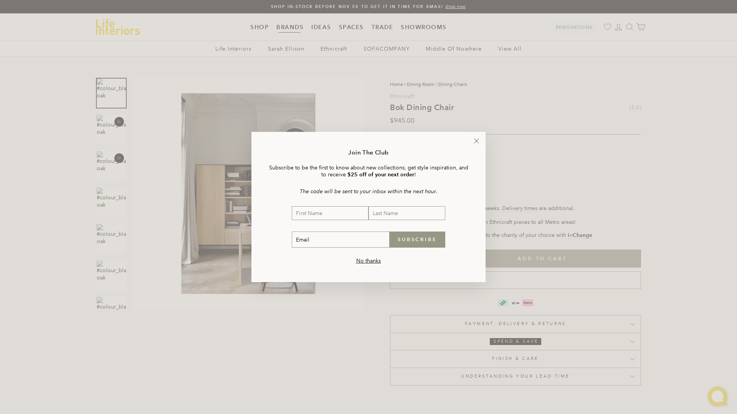 Image resolution: width=737 pixels, height=414 pixels. Describe the element at coordinates (580, 235) in the screenshot. I see `'i=Change'` at that location.